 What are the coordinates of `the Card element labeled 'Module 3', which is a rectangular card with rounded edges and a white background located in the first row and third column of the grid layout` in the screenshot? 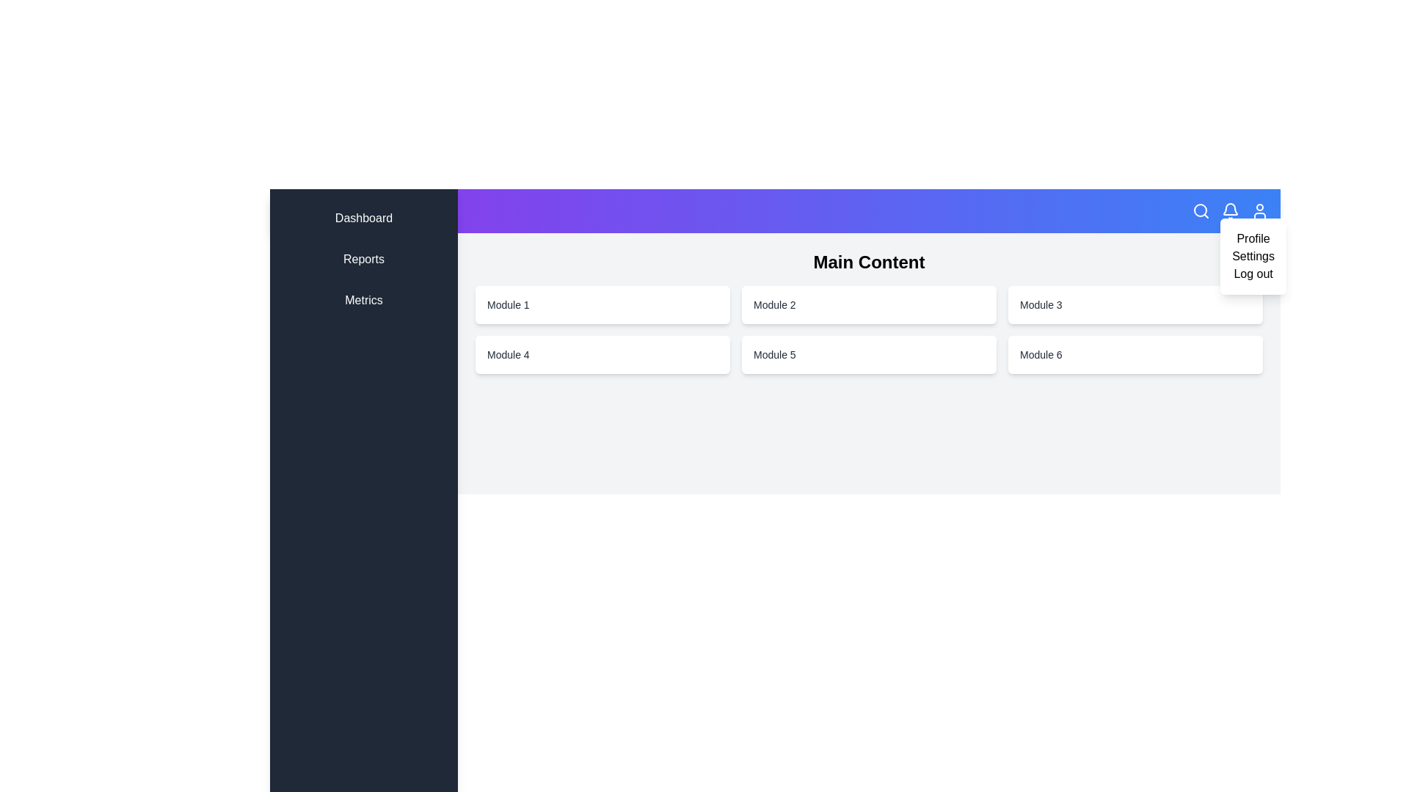 It's located at (1135, 304).